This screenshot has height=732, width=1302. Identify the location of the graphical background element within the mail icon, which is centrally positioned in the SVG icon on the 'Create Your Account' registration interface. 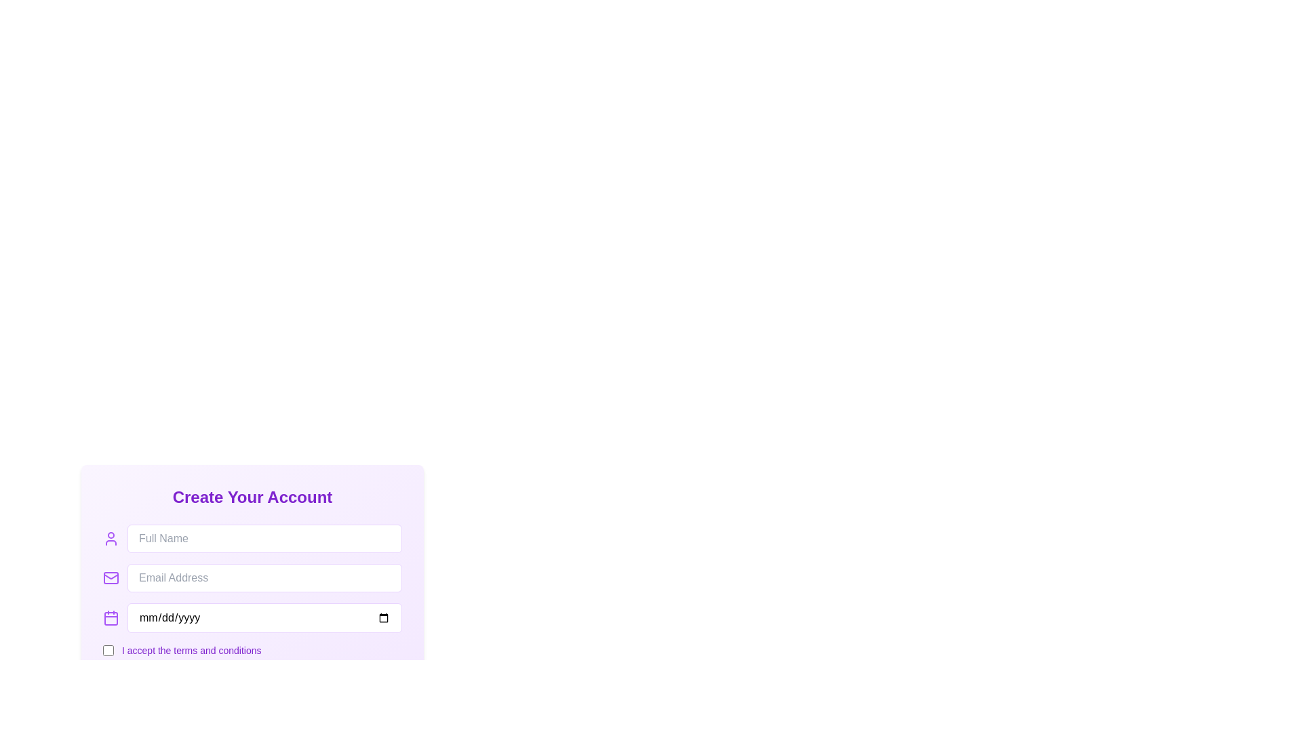
(111, 577).